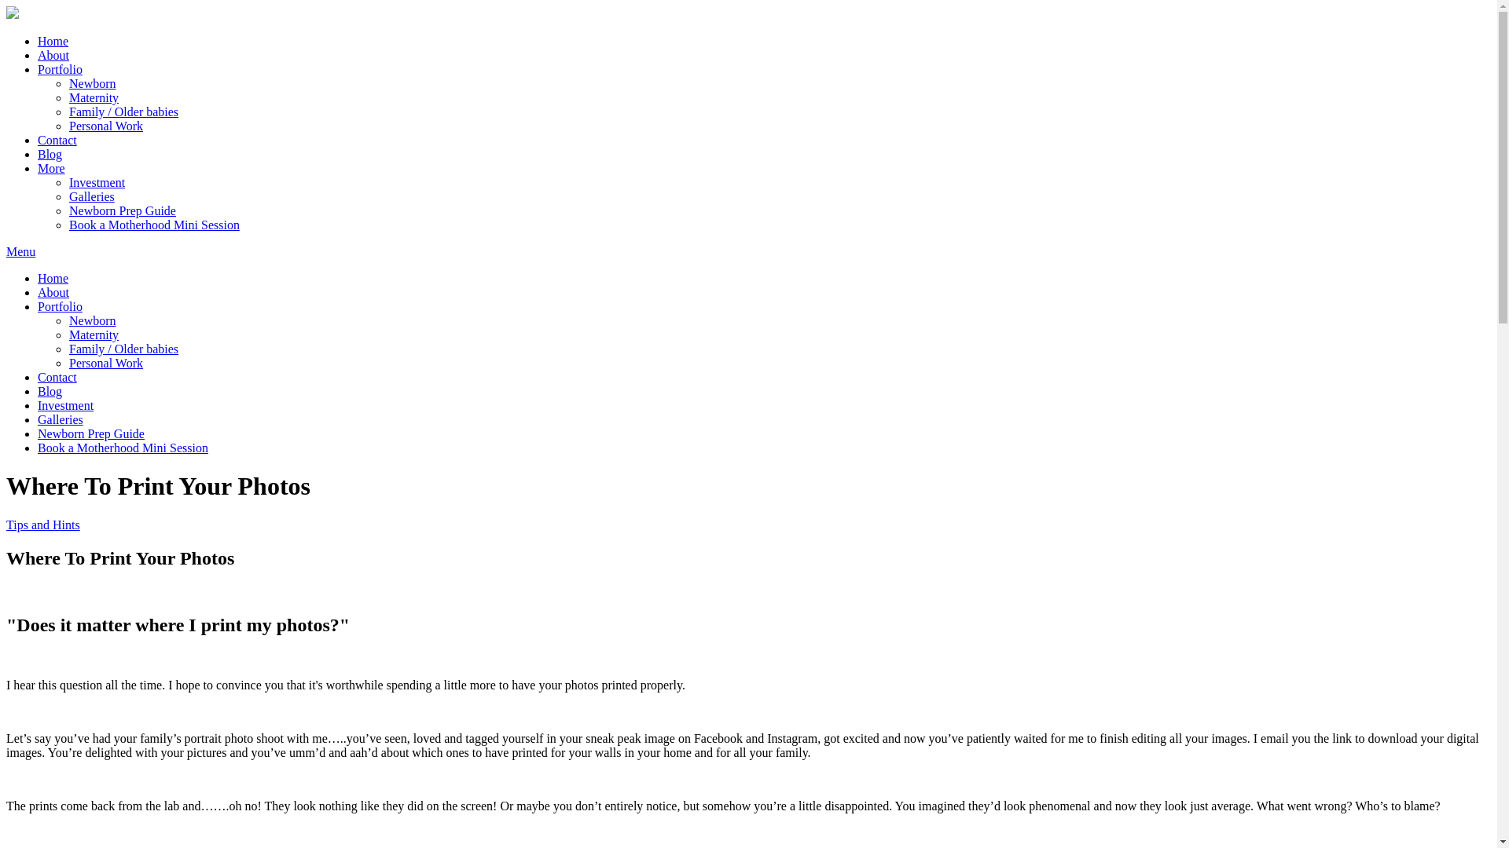 Image resolution: width=1509 pixels, height=848 pixels. Describe the element at coordinates (64, 404) in the screenshot. I see `'Investment'` at that location.